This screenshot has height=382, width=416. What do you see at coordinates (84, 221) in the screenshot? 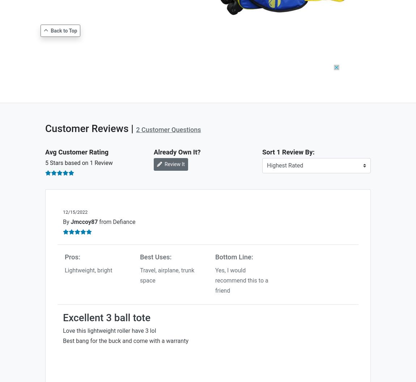
I see `'Jmccoy87'` at bounding box center [84, 221].